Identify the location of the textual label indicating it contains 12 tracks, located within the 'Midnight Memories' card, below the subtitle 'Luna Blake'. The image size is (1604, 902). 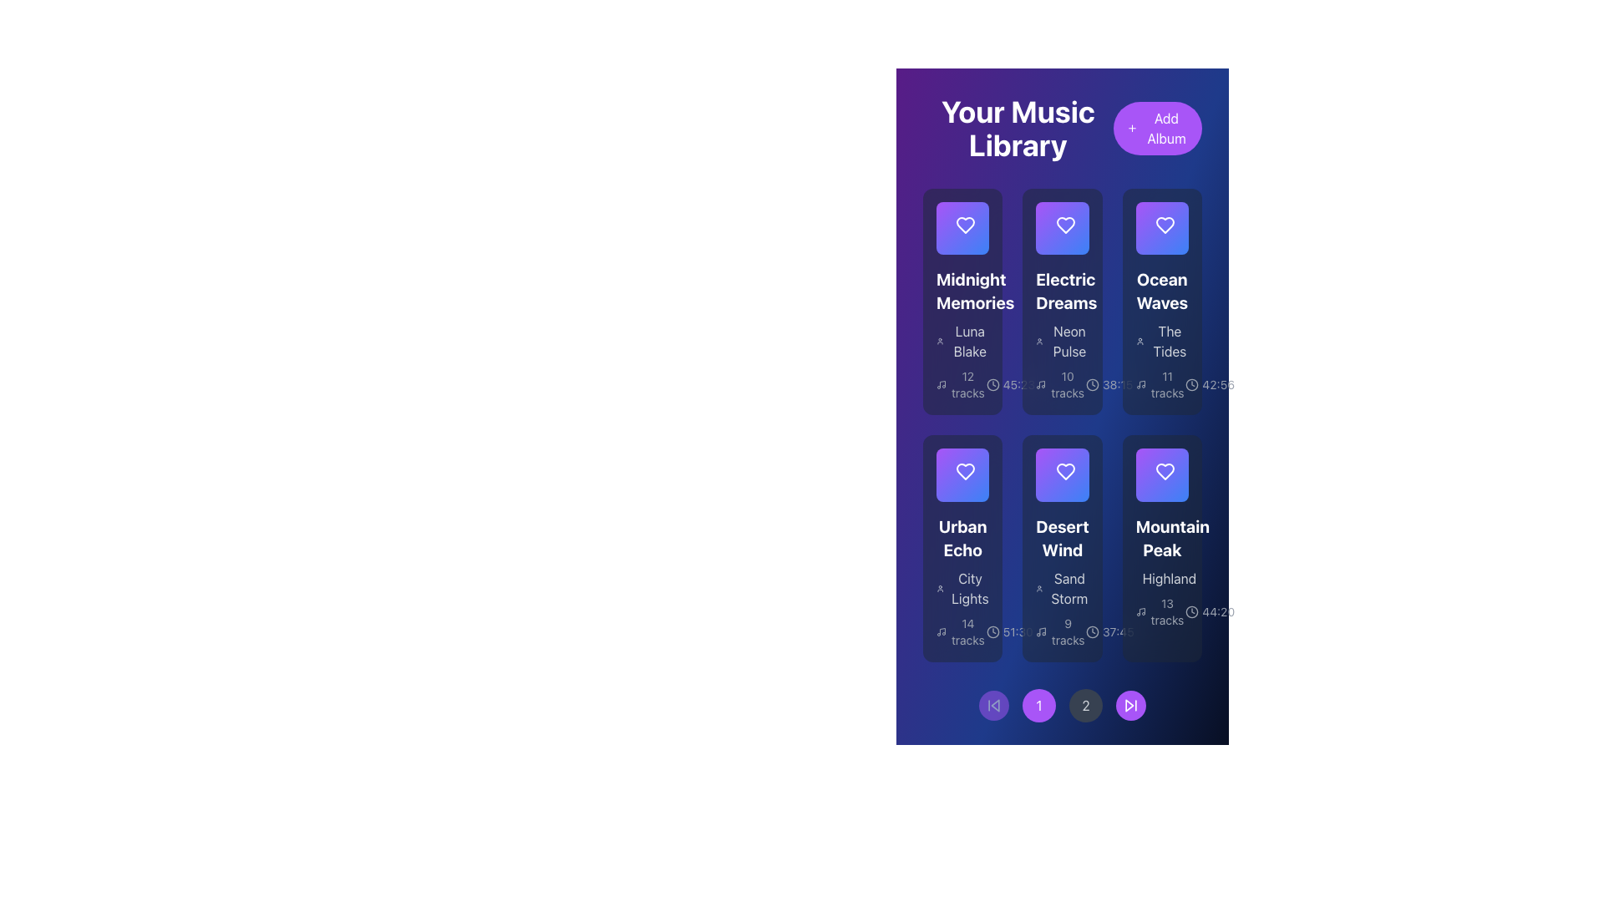
(961, 385).